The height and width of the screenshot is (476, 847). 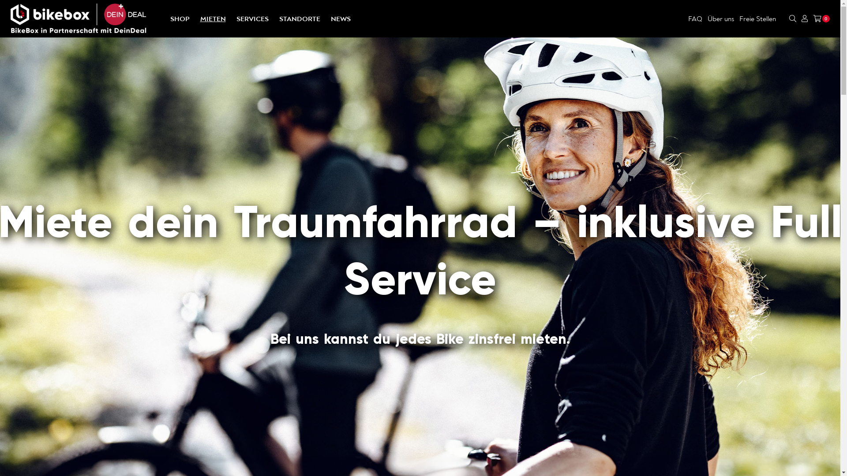 I want to click on 'MIETEN', so click(x=213, y=19).